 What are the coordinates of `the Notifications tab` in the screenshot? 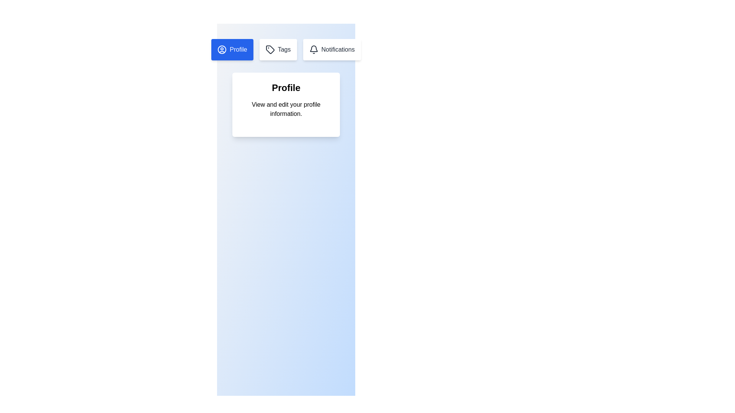 It's located at (332, 50).